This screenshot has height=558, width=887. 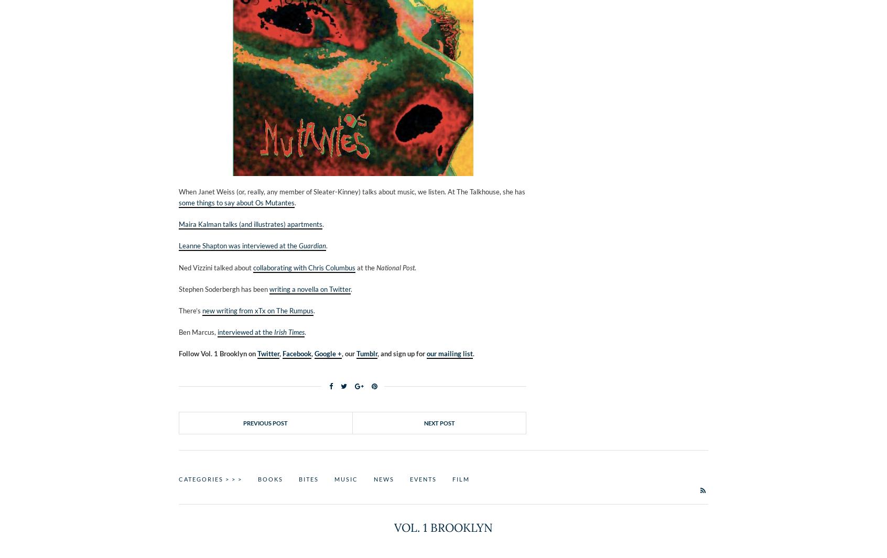 I want to click on 'Books', so click(x=257, y=479).